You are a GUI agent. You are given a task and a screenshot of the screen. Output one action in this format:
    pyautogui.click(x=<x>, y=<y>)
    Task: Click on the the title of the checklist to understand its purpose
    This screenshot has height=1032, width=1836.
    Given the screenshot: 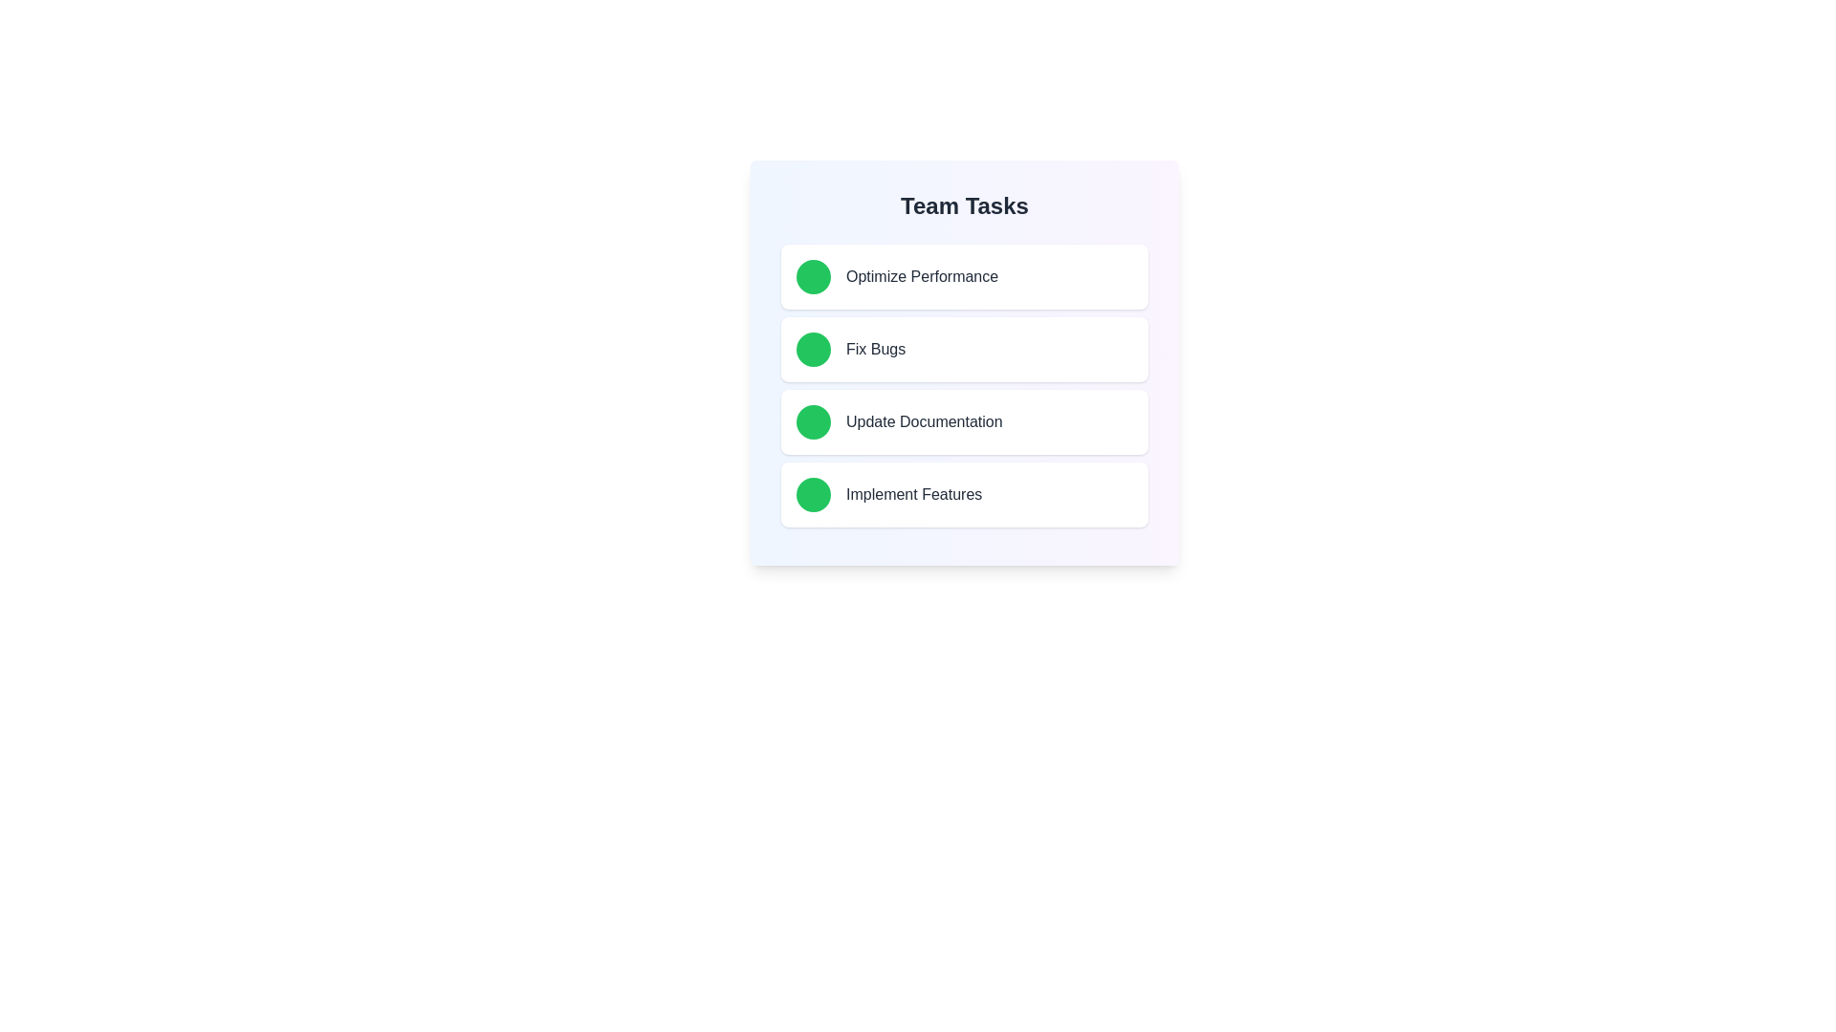 What is the action you would take?
    pyautogui.click(x=964, y=206)
    